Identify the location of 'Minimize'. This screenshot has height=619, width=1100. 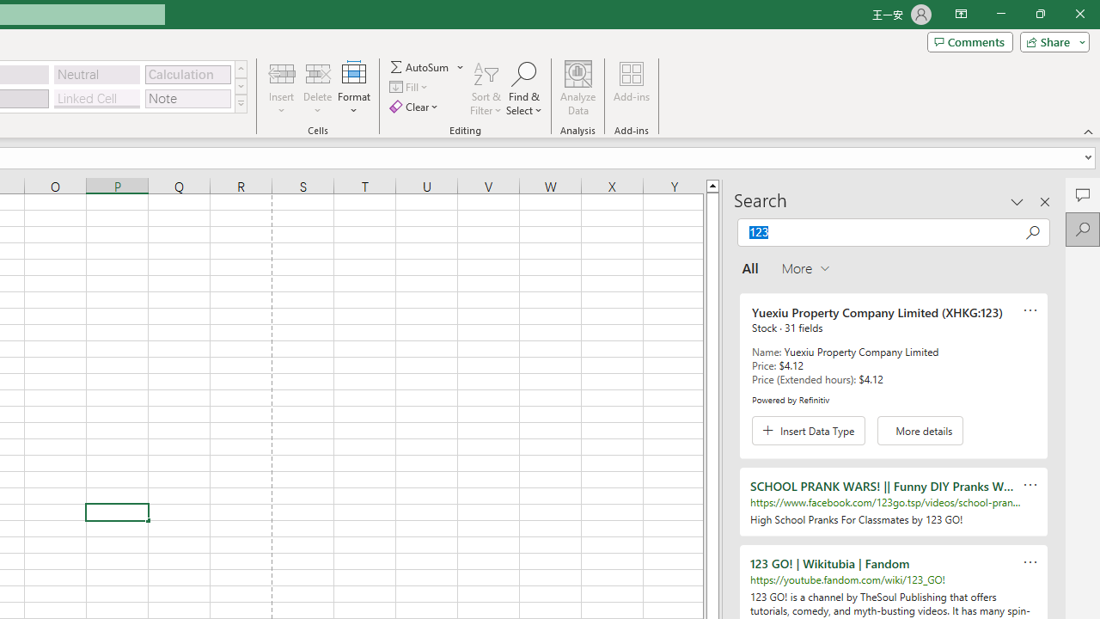
(1000, 14).